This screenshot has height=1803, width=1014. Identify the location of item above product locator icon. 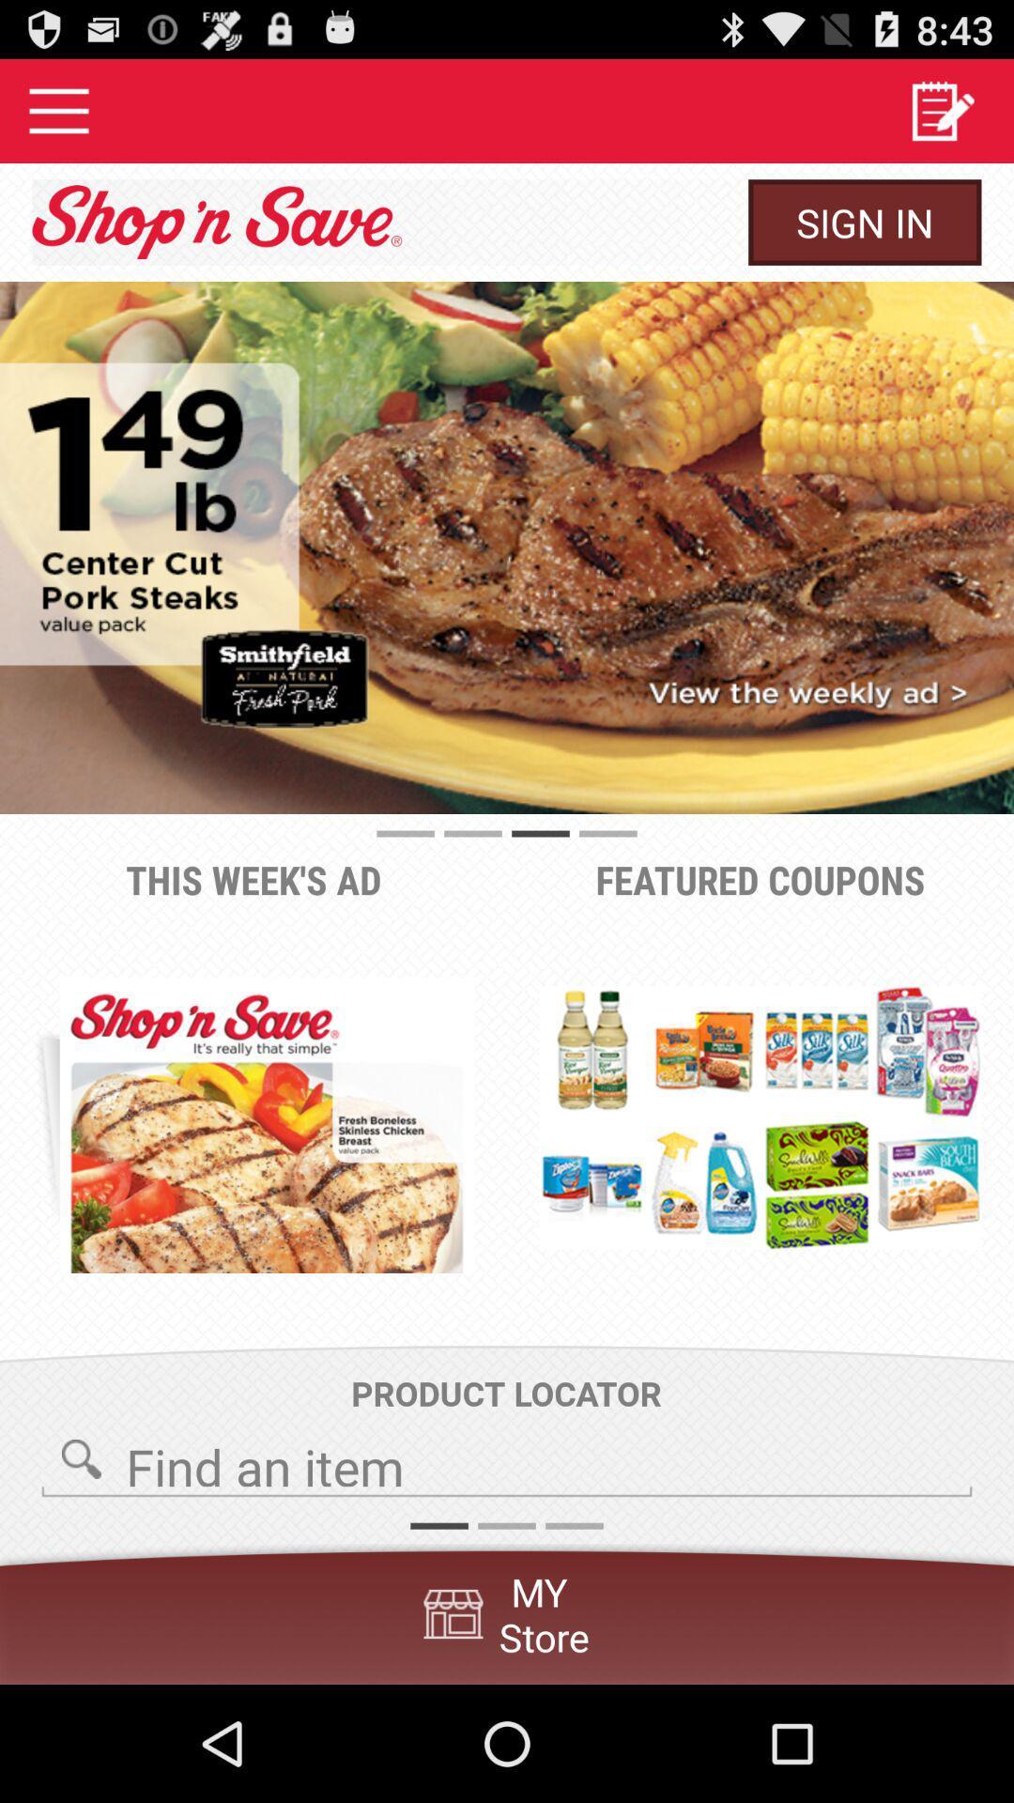
(267, 1125).